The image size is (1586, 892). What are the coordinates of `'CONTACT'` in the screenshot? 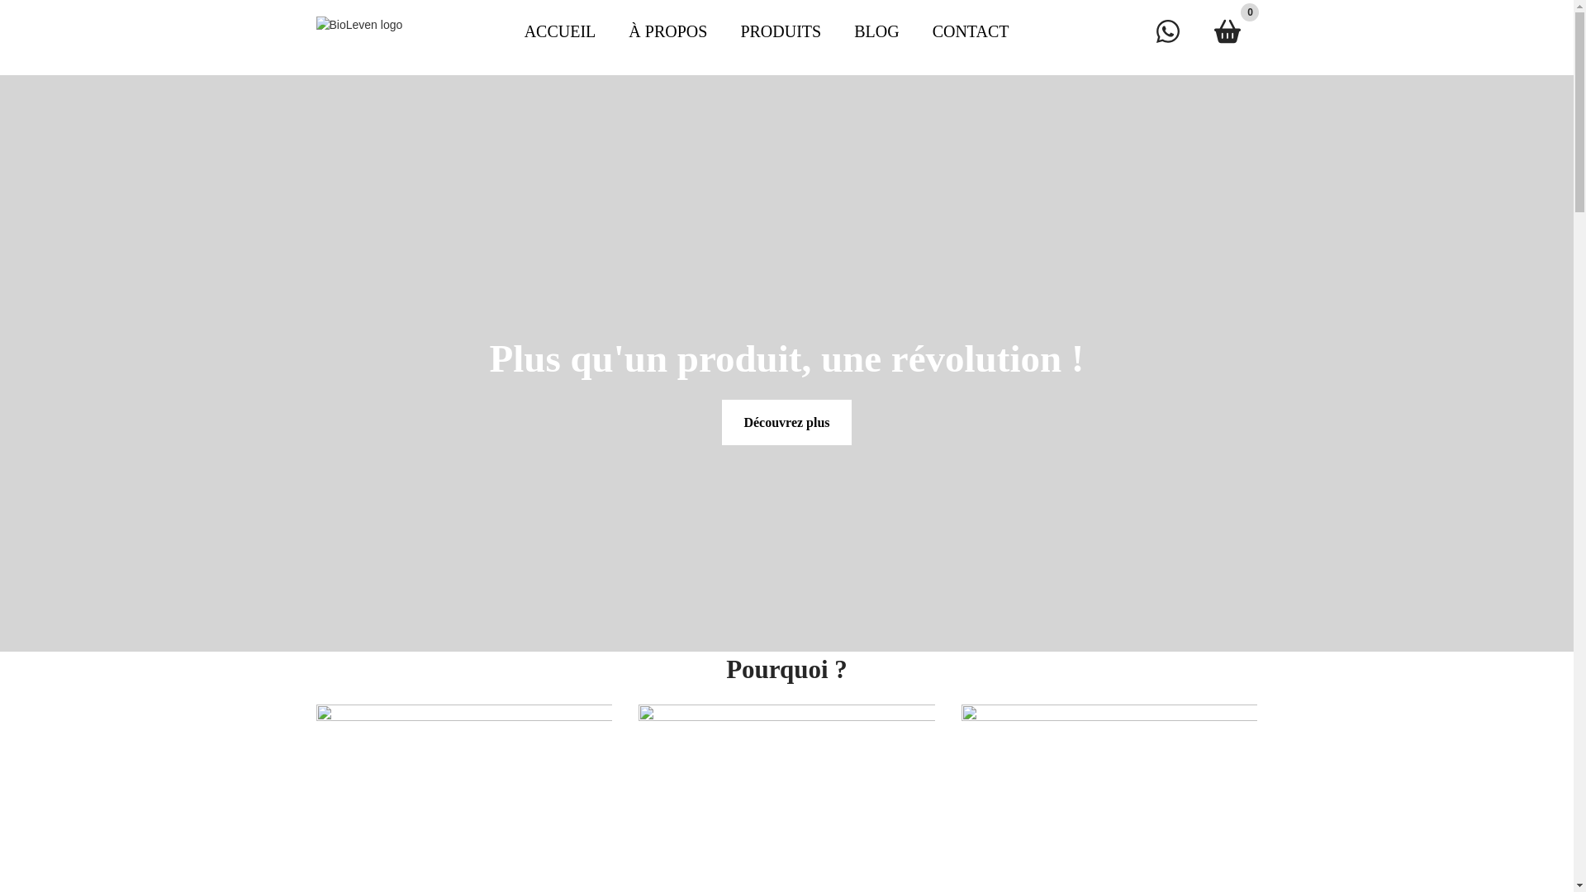 It's located at (971, 31).